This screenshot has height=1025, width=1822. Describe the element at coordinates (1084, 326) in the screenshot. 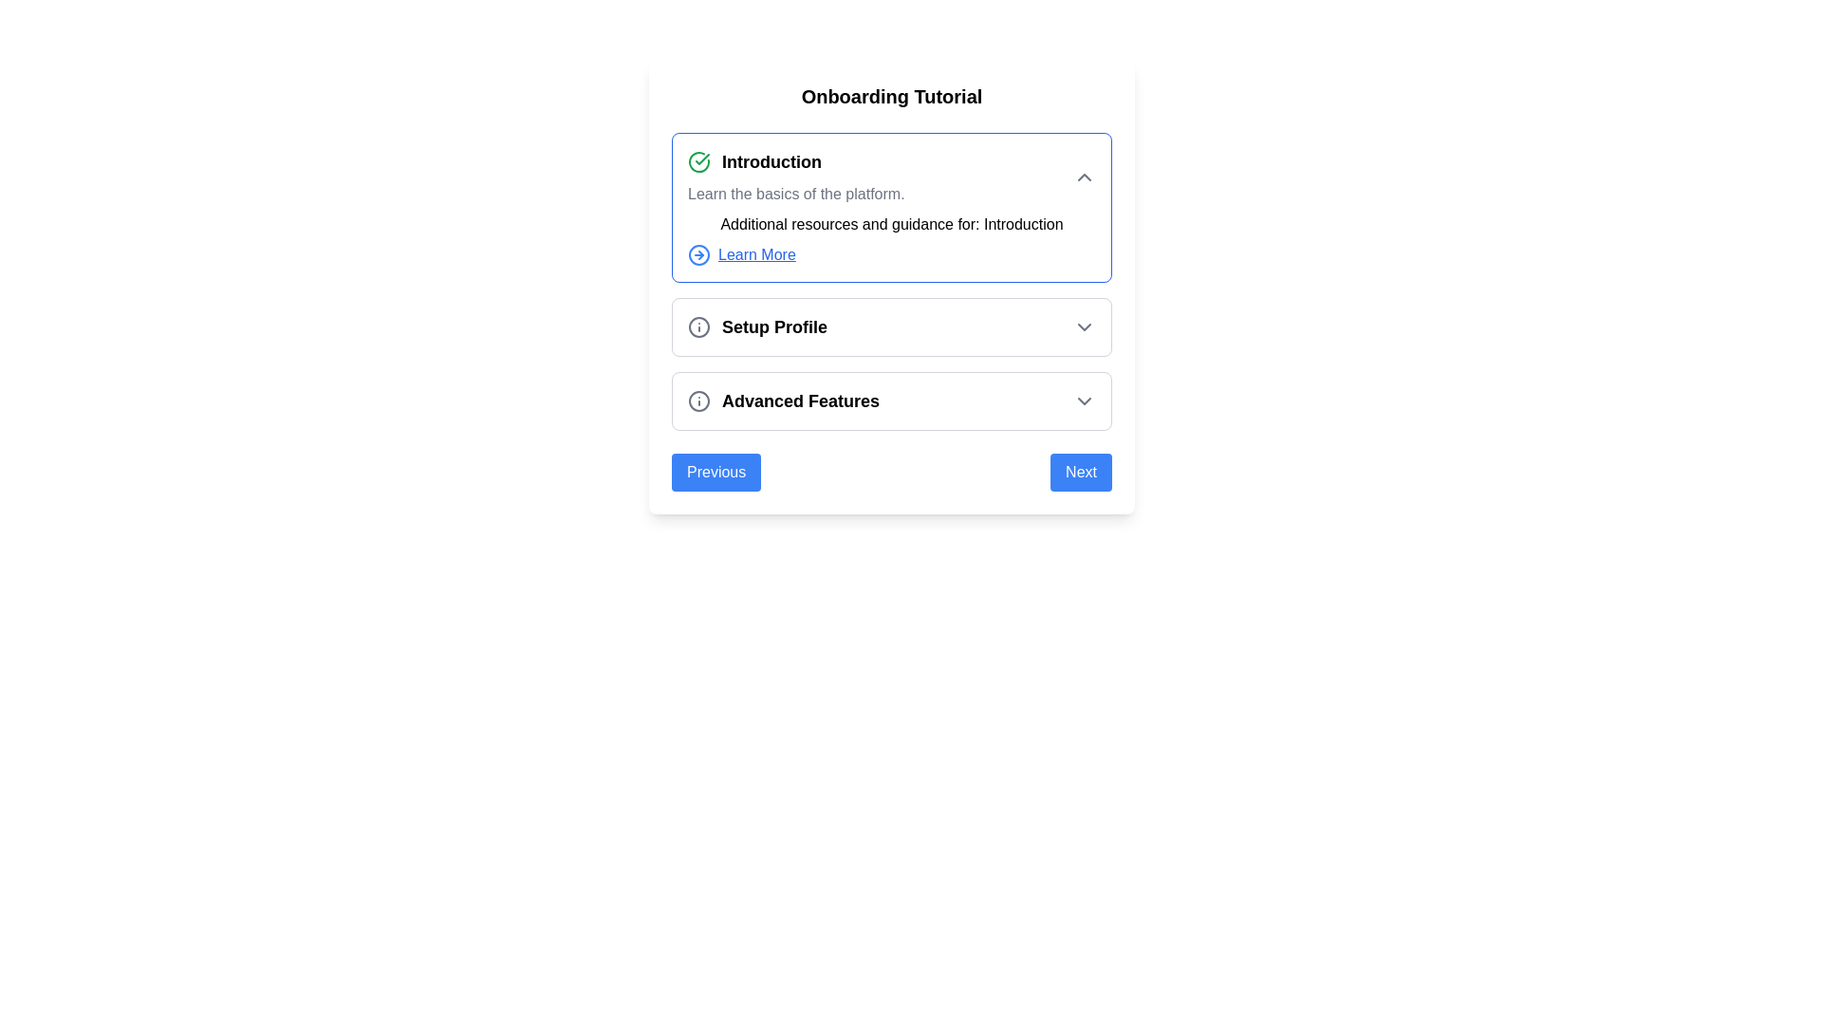

I see `the downward-facing chevron icon in the 'Setup Profile' section` at that location.